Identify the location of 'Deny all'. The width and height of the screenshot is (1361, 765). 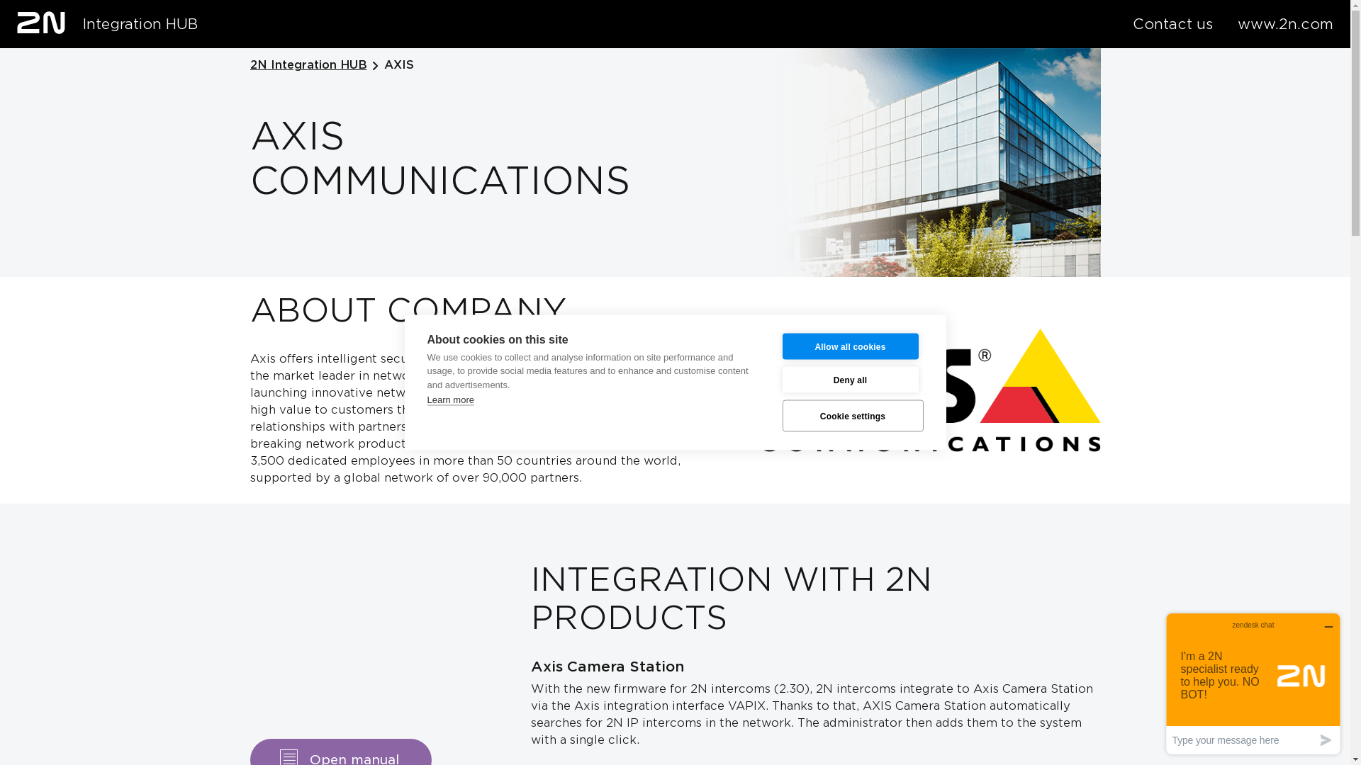
(851, 379).